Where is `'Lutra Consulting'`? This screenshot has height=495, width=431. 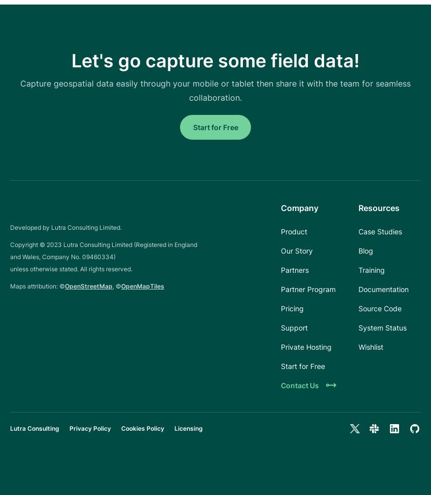 'Lutra Consulting' is located at coordinates (34, 428).